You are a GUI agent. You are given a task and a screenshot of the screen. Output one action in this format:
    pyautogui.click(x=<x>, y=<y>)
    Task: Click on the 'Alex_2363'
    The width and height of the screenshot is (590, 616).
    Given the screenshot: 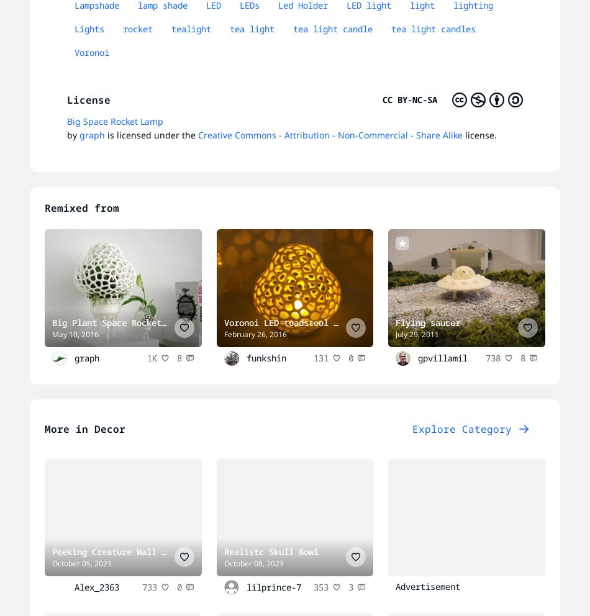 What is the action you would take?
    pyautogui.click(x=96, y=586)
    